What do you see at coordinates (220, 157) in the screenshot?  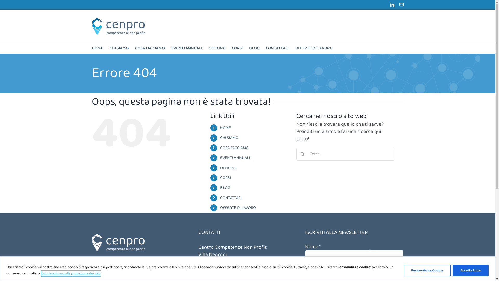 I see `'EVENTI ANNUALI'` at bounding box center [220, 157].